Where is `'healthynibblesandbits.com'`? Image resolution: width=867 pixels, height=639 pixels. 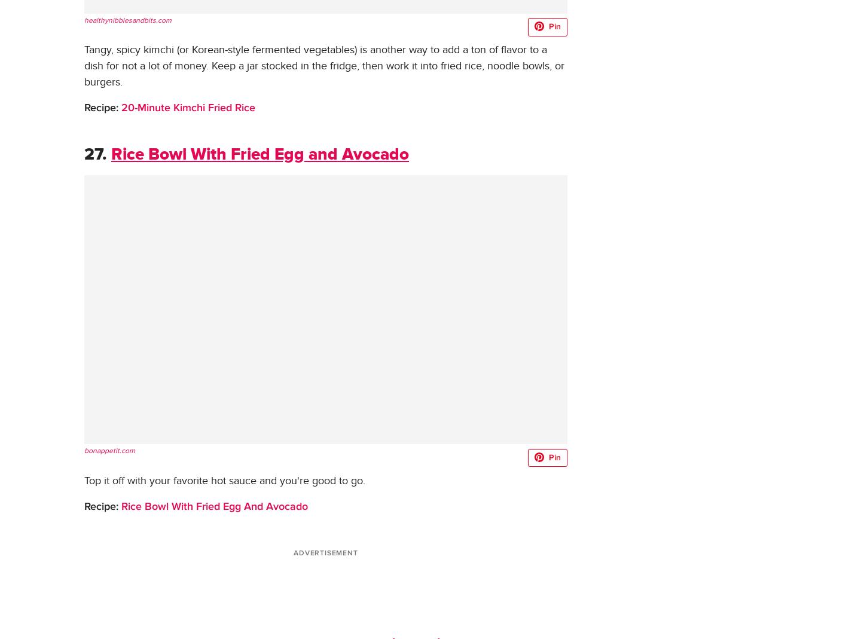
'healthynibblesandbits.com' is located at coordinates (83, 19).